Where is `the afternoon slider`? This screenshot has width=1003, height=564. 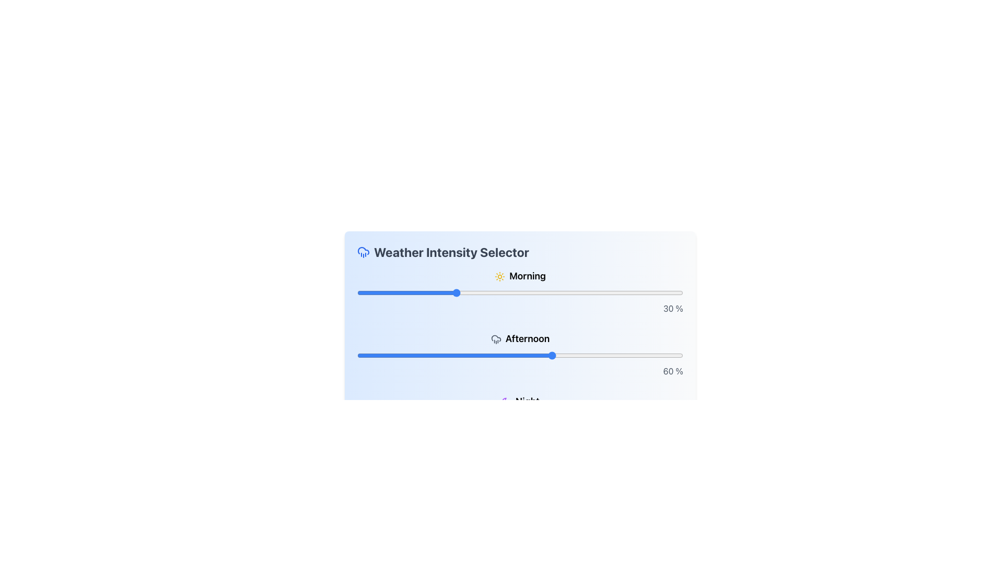 the afternoon slider is located at coordinates (605, 355).